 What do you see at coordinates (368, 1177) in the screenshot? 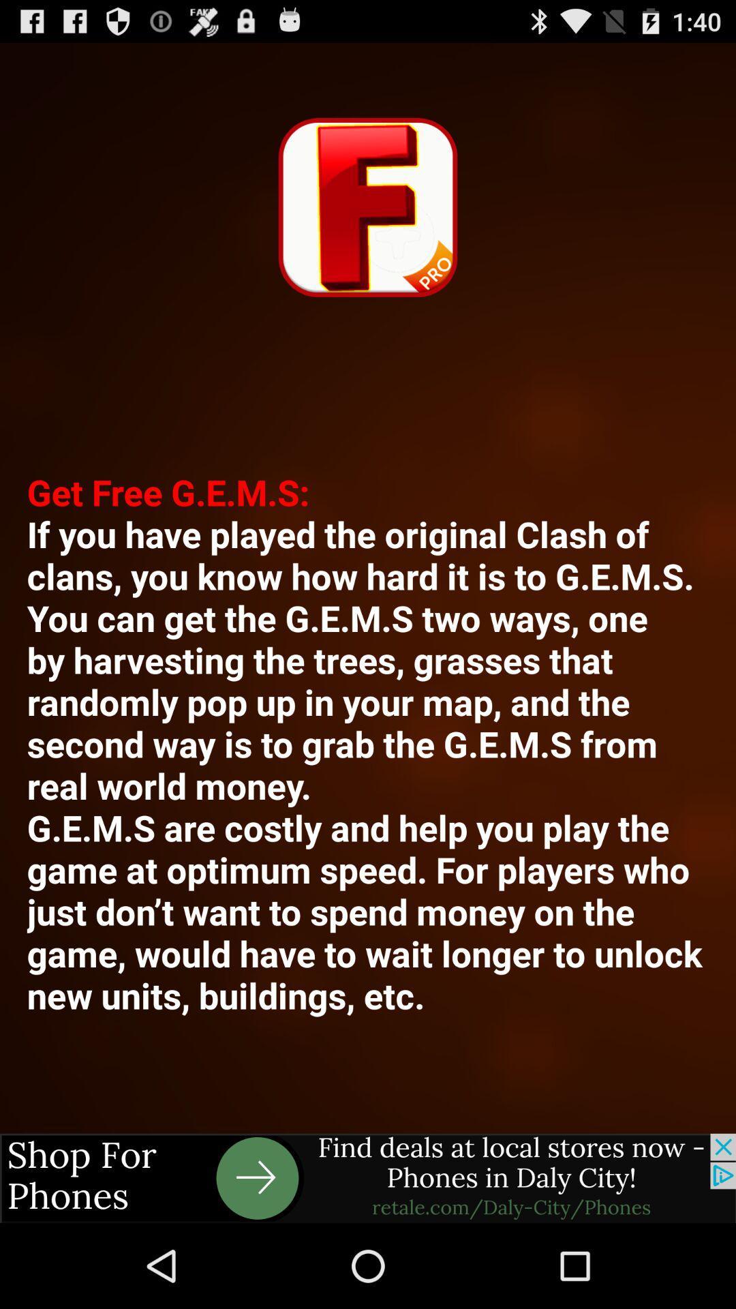
I see `advertisement` at bounding box center [368, 1177].